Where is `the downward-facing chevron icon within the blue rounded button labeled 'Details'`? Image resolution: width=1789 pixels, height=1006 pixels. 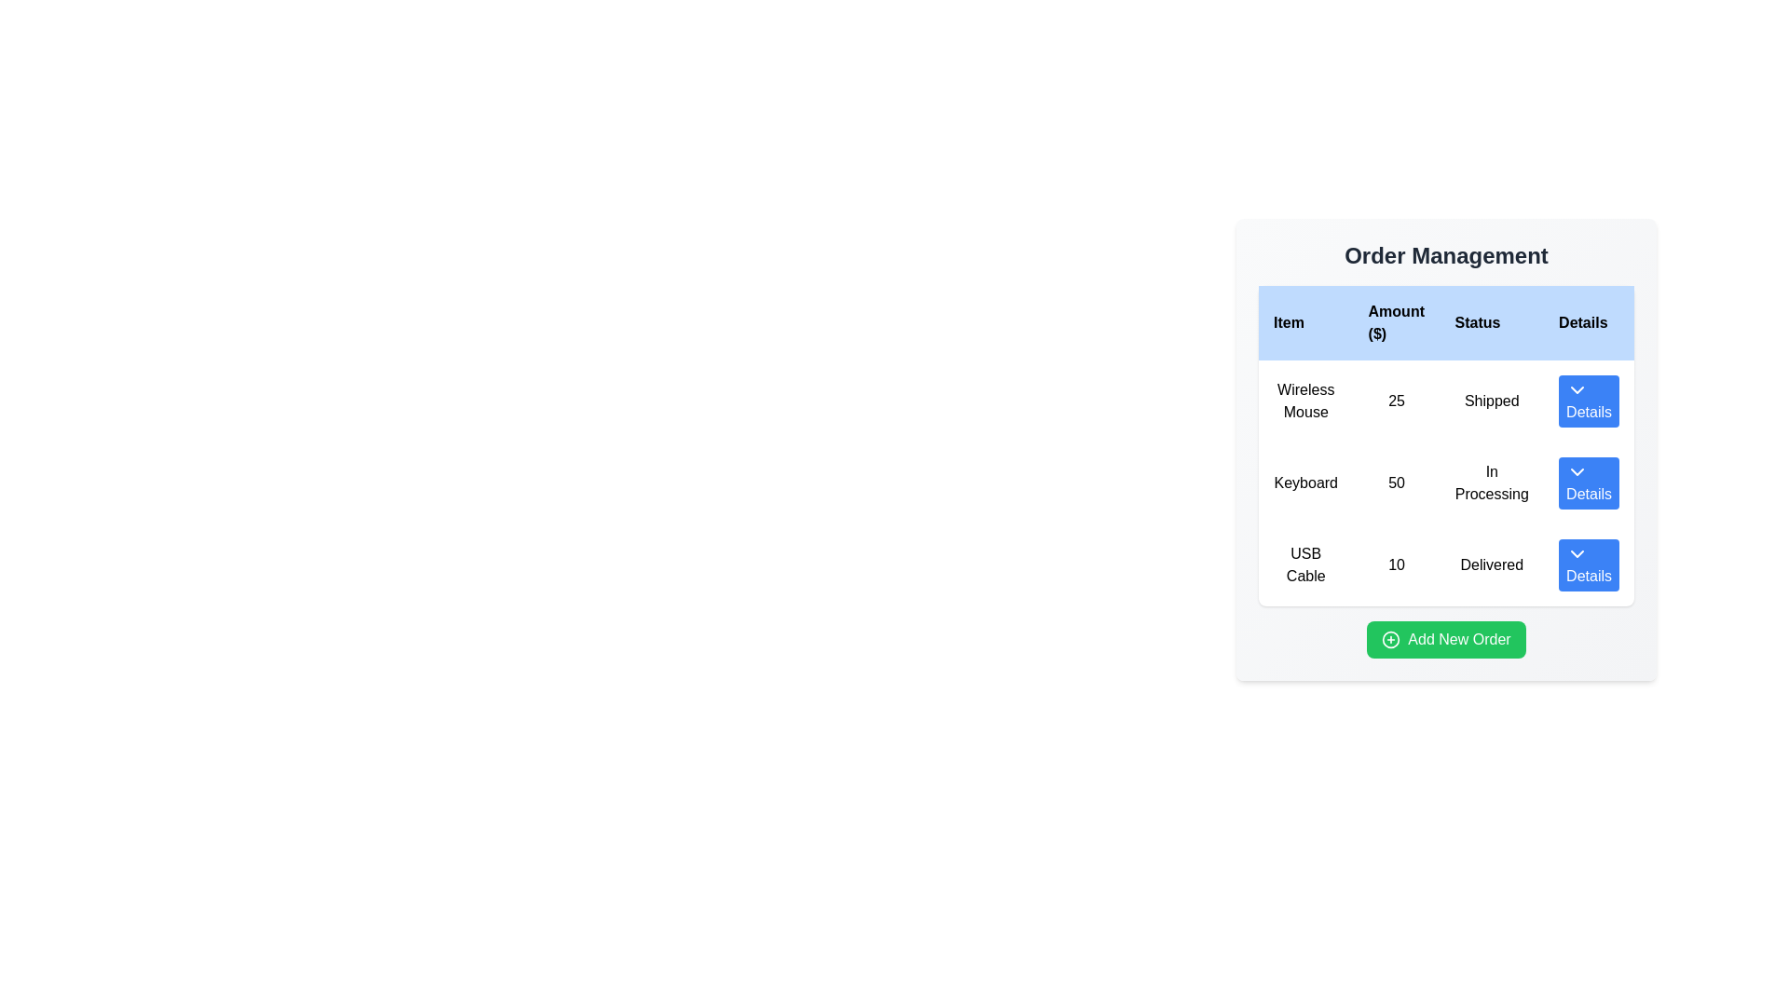 the downward-facing chevron icon within the blue rounded button labeled 'Details' is located at coordinates (1577, 389).